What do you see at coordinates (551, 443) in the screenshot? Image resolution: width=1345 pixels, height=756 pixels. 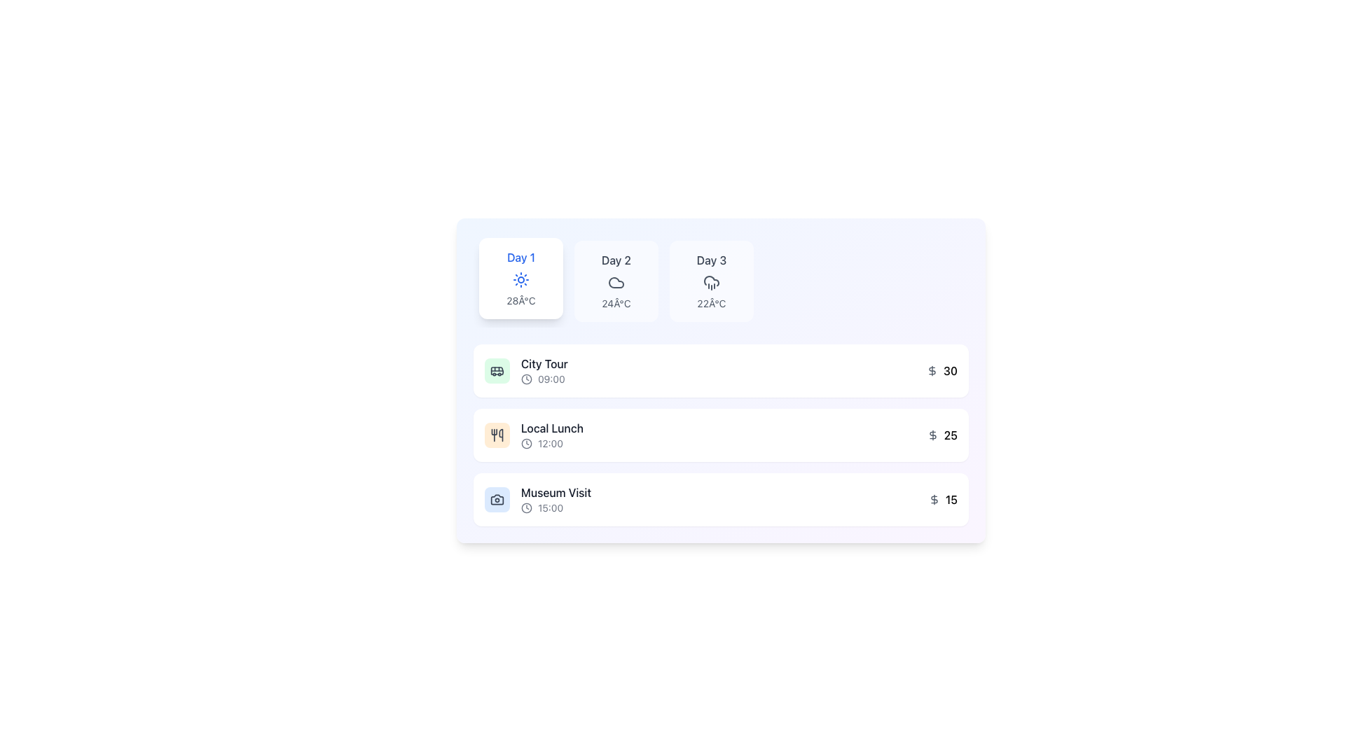 I see `the time displayed in the Time indicator showing '12:00', which is accompanied by a small clock icon to its left, located under the 'Local Lunch' label` at bounding box center [551, 443].